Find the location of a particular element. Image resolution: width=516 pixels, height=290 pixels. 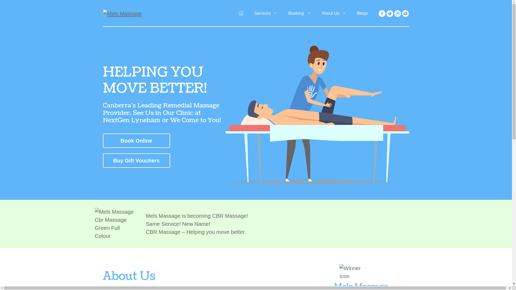

'Blogs' is located at coordinates (362, 13).